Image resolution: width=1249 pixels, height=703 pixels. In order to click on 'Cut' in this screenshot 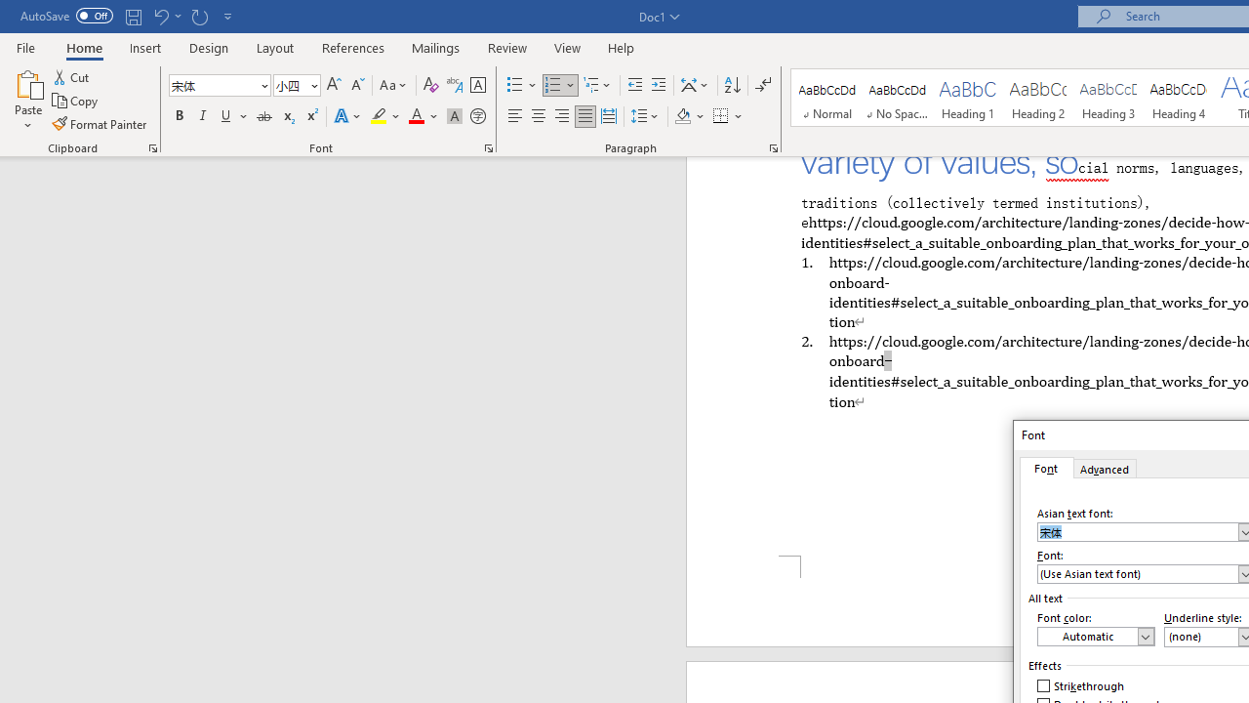, I will do `click(72, 76)`.